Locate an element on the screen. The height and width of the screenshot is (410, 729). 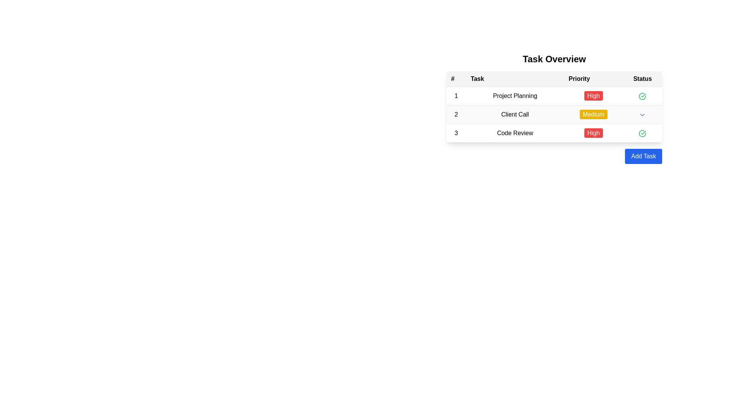
the green checkmark status icon in the 'Status' column of the first row, which indicates the completion of the 'Project Planning' task is located at coordinates (642, 96).